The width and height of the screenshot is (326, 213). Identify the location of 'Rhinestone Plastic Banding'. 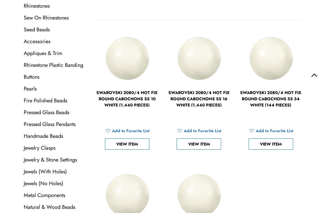
(23, 65).